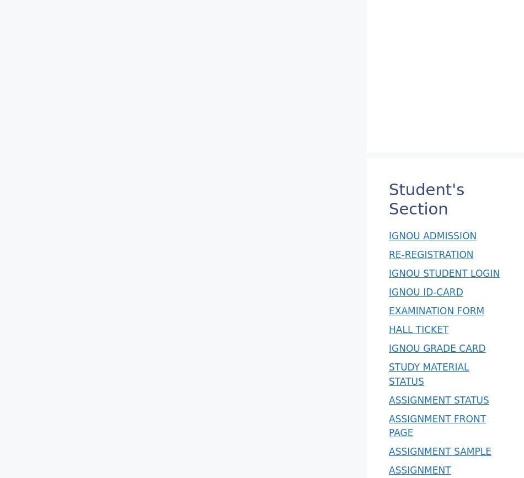 Image resolution: width=524 pixels, height=478 pixels. I want to click on 'IGNOU ADMISSION', so click(432, 236).